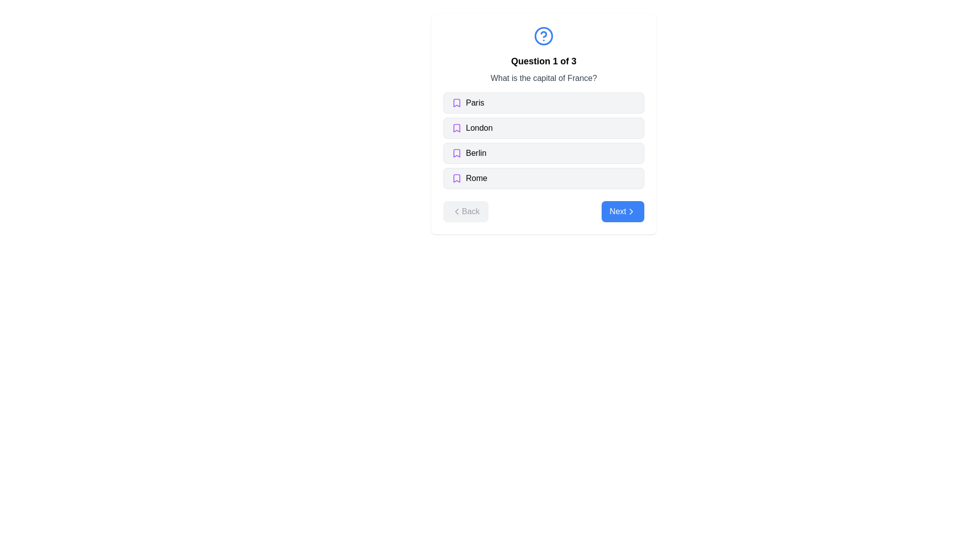 The width and height of the screenshot is (965, 543). Describe the element at coordinates (456, 103) in the screenshot. I see `the bookmark icon adjacent to the 'Paris' option in the quiz, which visually denotes it as selected or recommended` at that location.